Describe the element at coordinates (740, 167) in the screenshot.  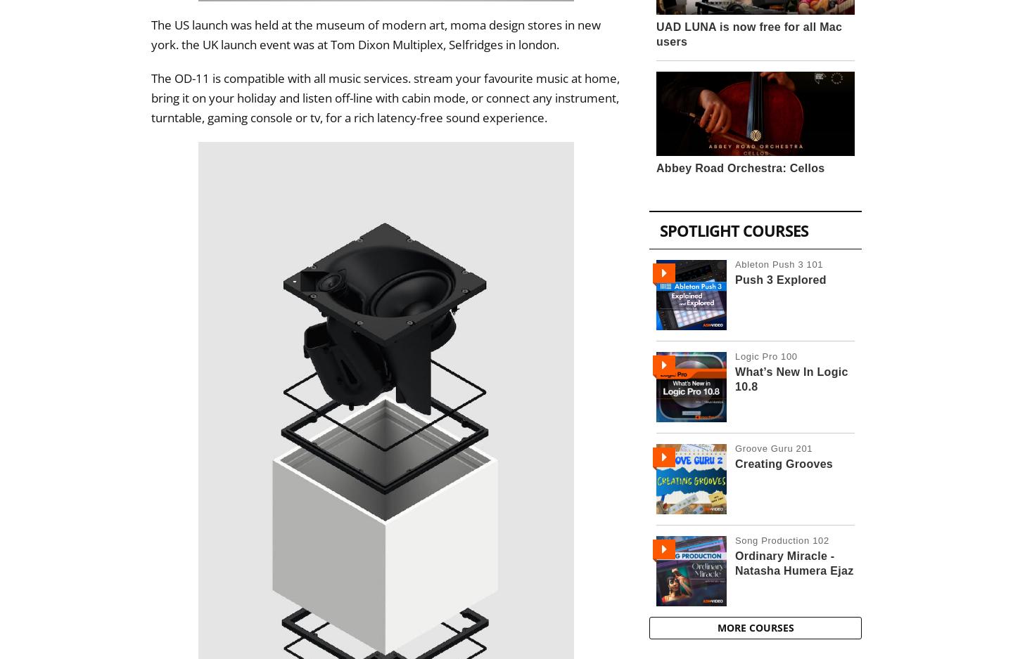
I see `'Abbey Road Orchestra: Cellos'` at that location.